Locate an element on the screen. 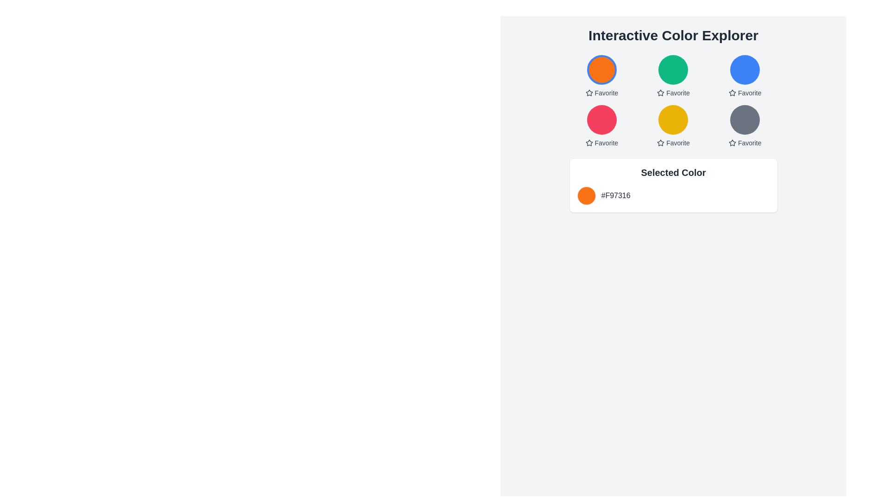 The image size is (889, 500). the Interactive Circle with a golden yellow background located in the fourth row of the interactive color options beneath the 'Interactive Color Explorer' title is located at coordinates (673, 119).